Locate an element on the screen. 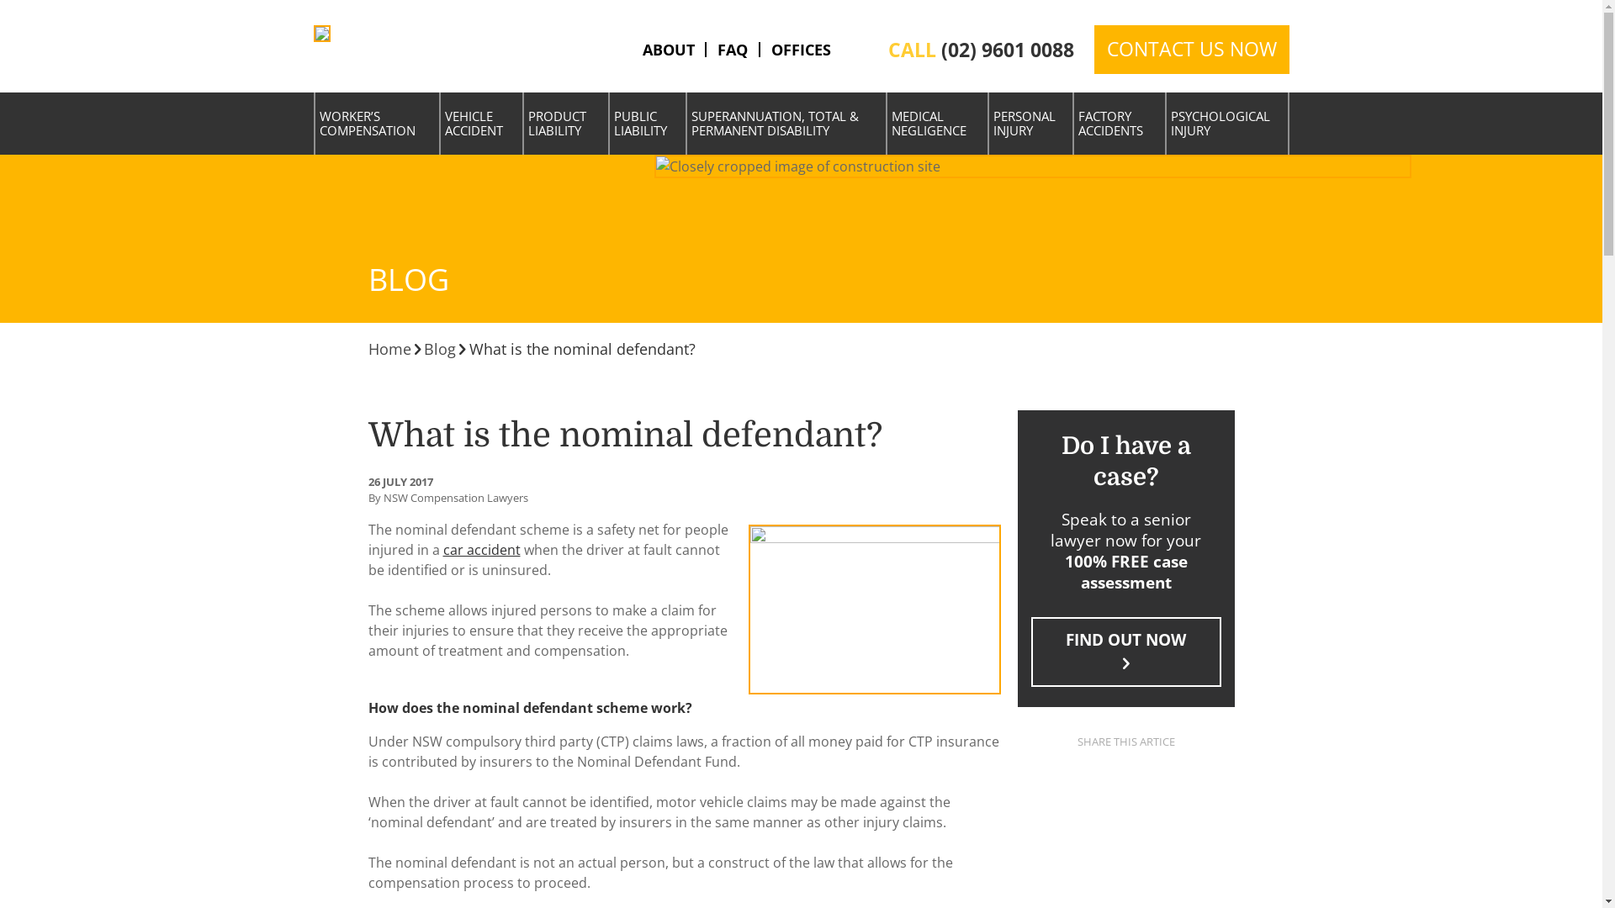  'CALL (02) 9601 0088' is located at coordinates (981, 49).